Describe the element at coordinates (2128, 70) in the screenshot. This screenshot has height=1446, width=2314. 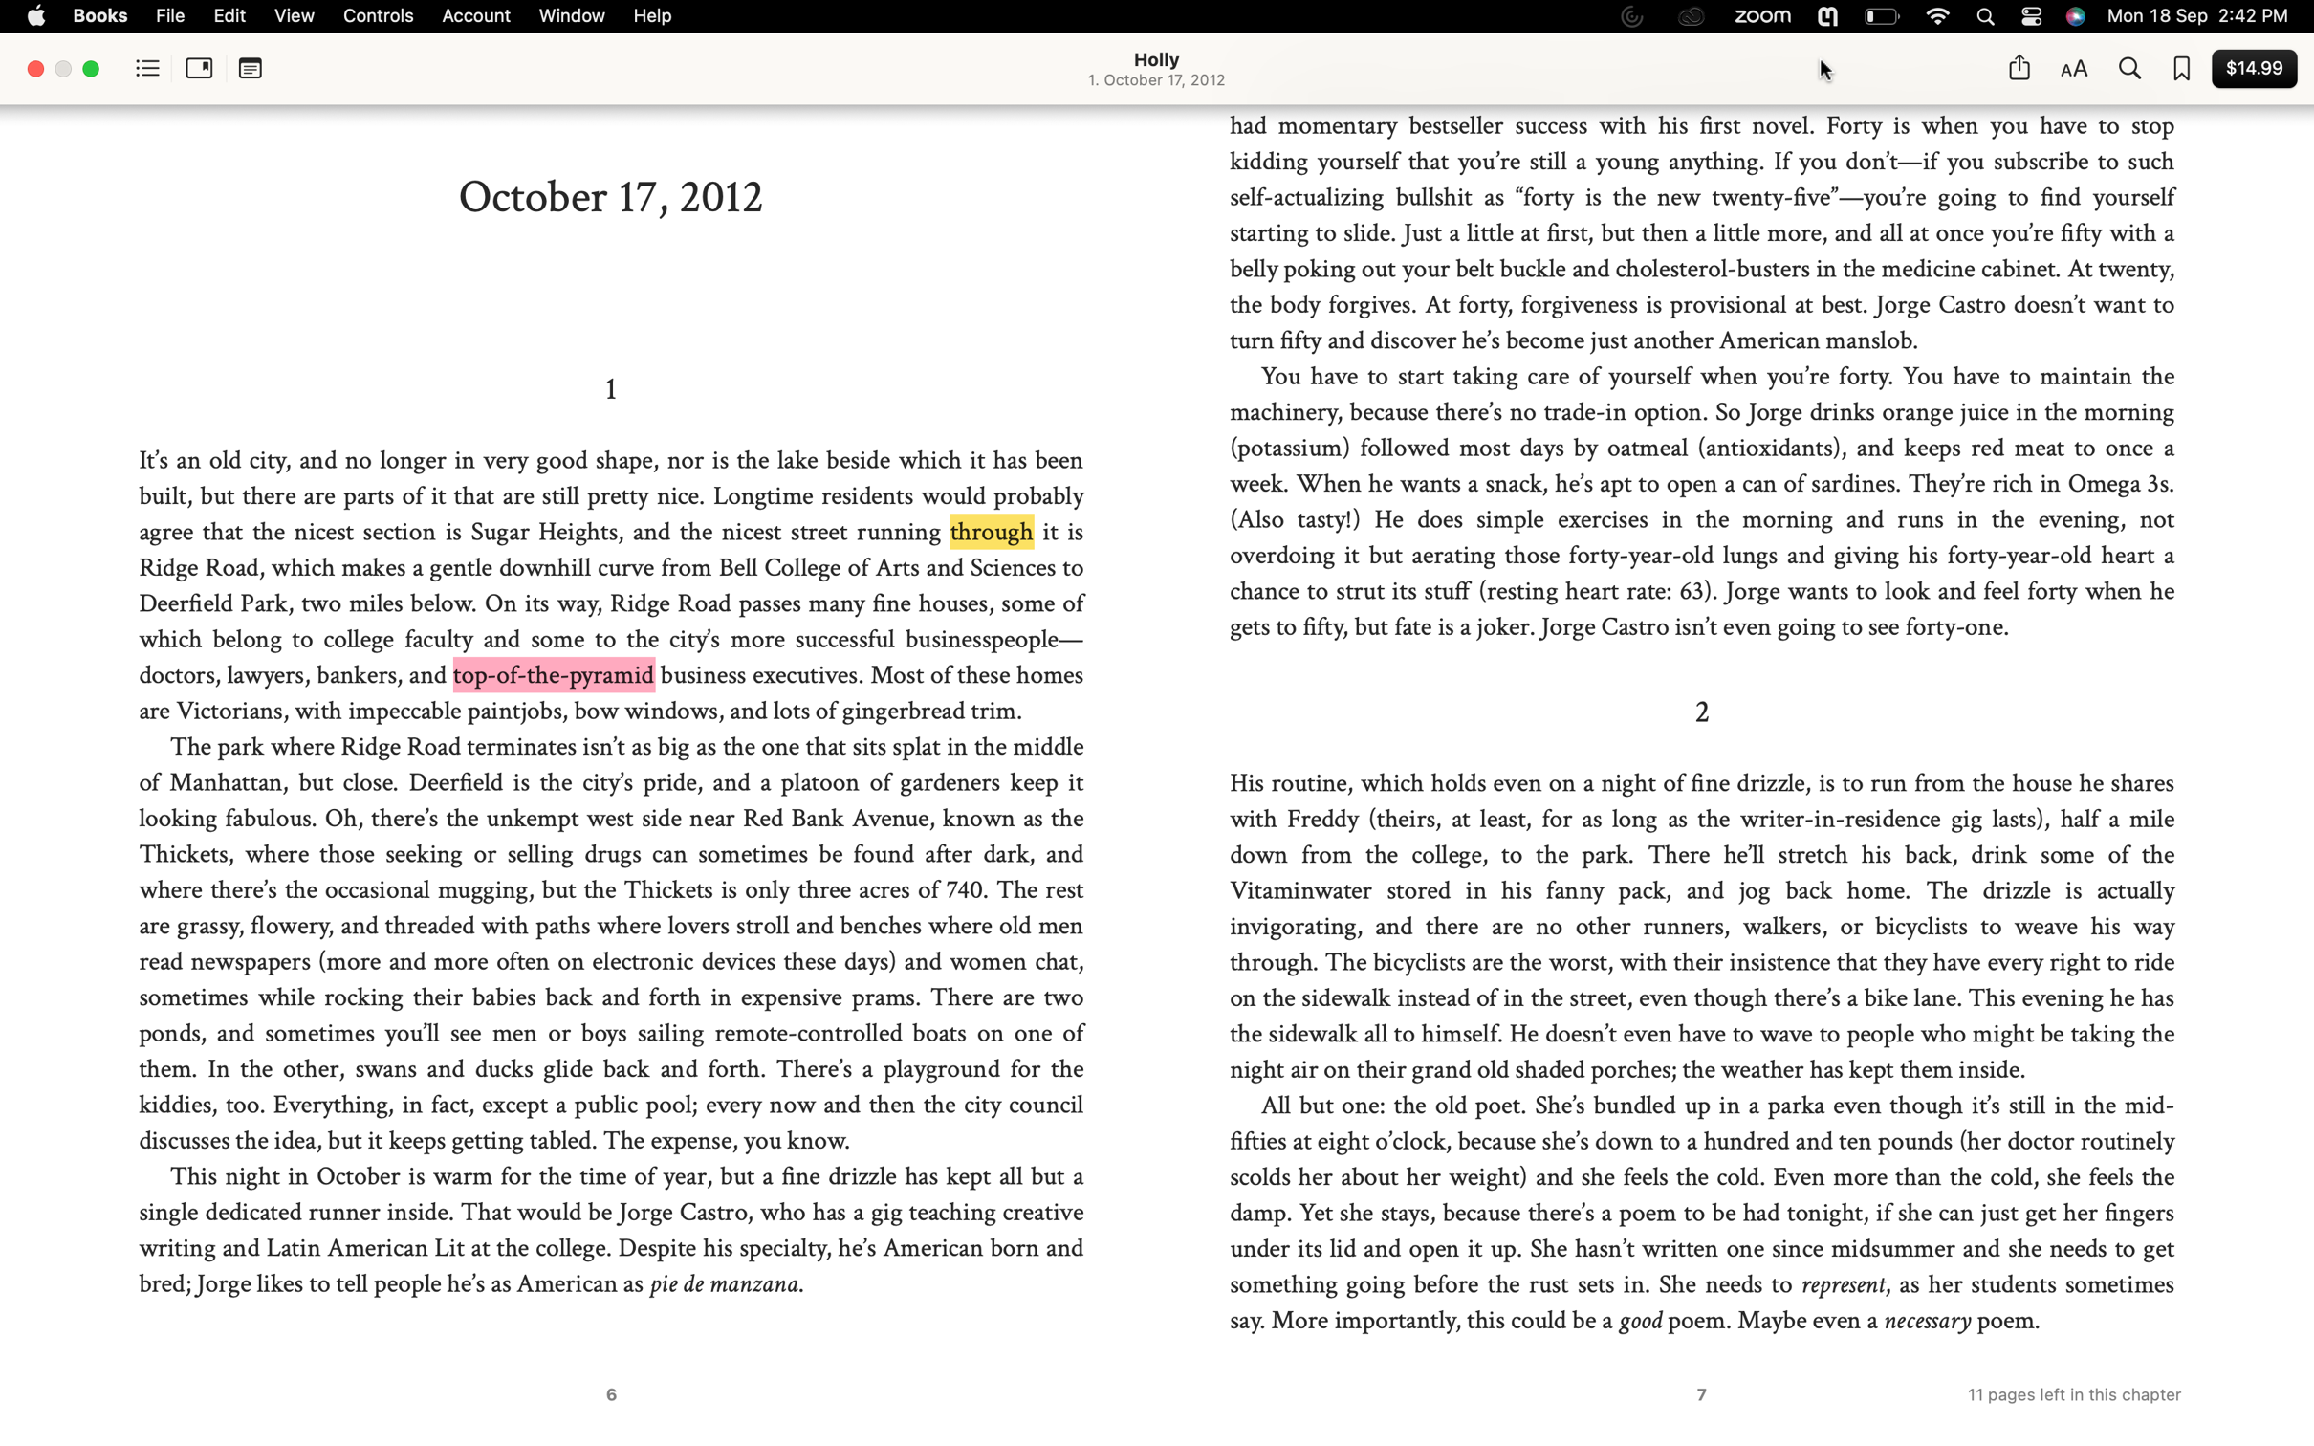
I see `Locate the word "angry" in an e-book` at that location.